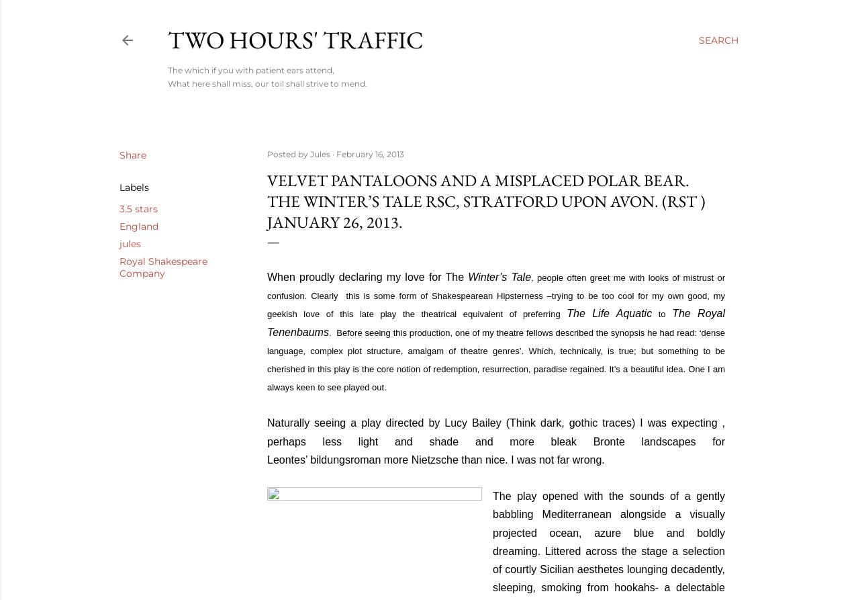  Describe the element at coordinates (267, 441) in the screenshot. I see `'Naturally seeing a play directed by Lucy Bailey (Think dark, gothic traces) I was expecting , perhaps less light and shade and more bleak Bronte landscapes for Leontes’ bildungsroman'` at that location.